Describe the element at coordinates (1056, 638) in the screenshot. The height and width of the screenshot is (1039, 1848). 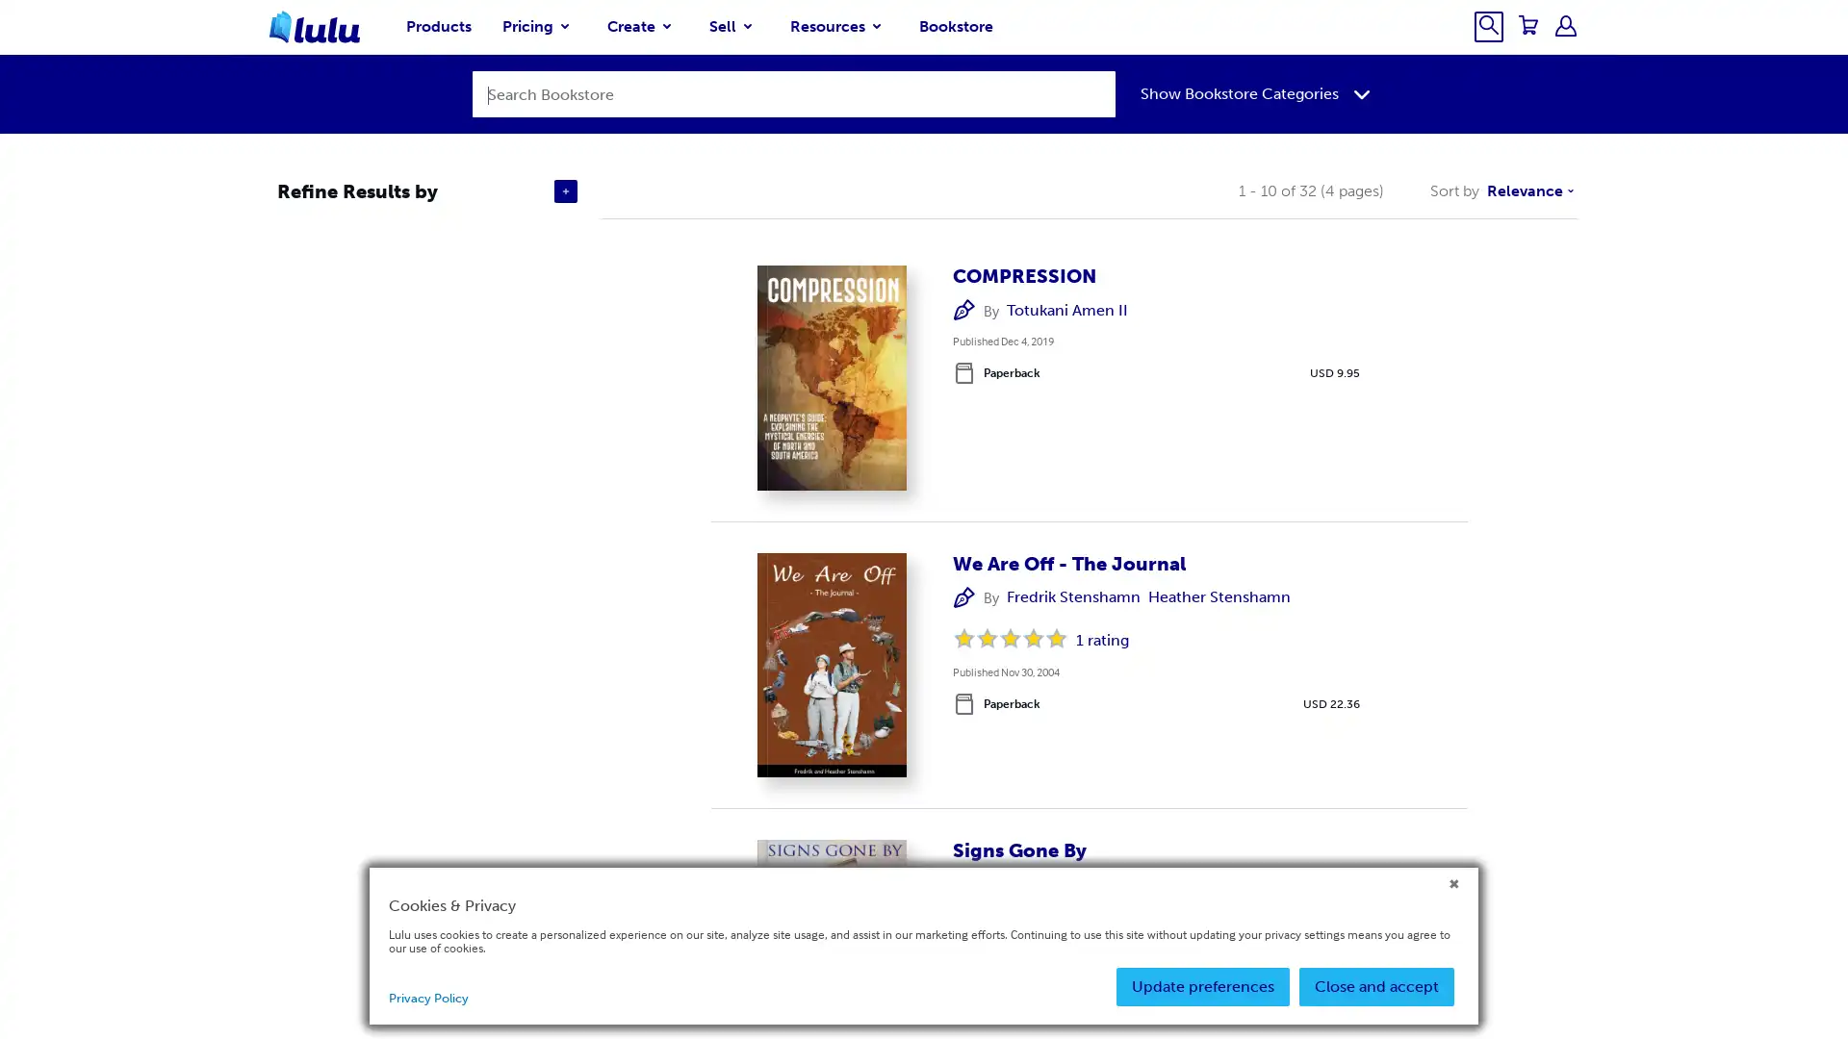
I see `Choose 5 stars` at that location.